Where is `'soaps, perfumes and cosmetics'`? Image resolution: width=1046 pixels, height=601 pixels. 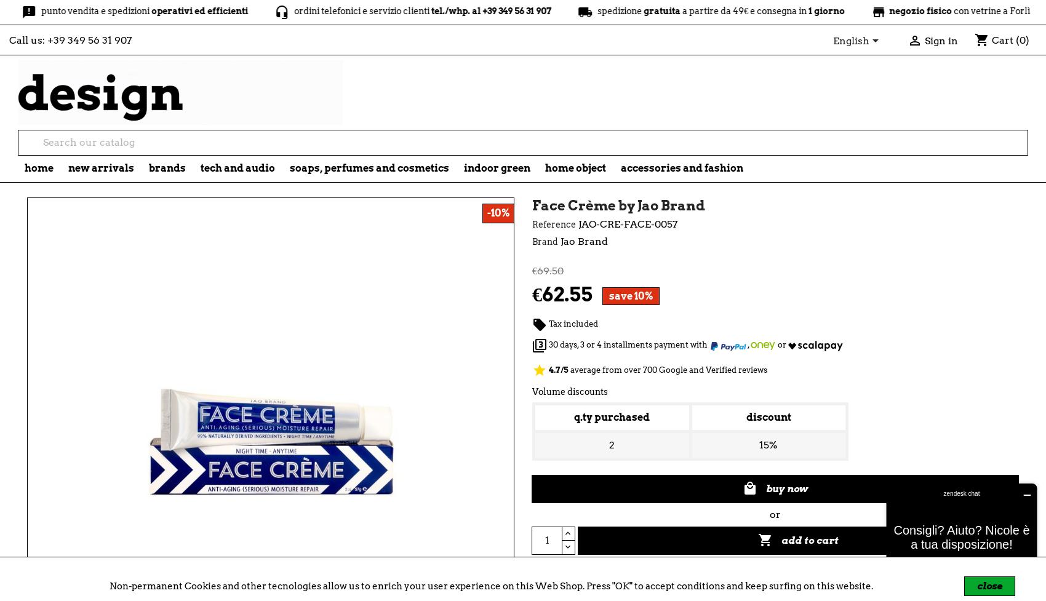
'soaps, perfumes and cosmetics' is located at coordinates (369, 167).